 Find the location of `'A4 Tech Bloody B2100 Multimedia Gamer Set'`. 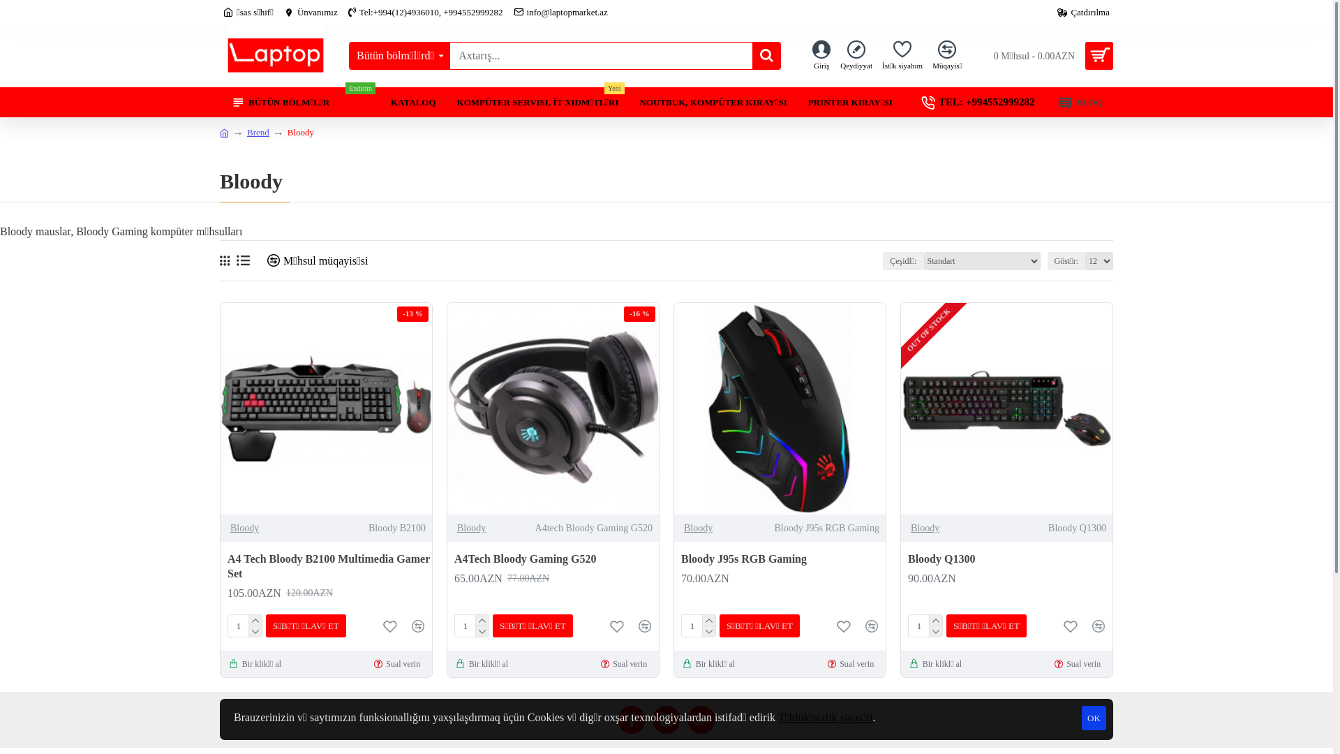

'A4 Tech Bloody B2100 Multimedia Gamer Set' is located at coordinates (329, 567).